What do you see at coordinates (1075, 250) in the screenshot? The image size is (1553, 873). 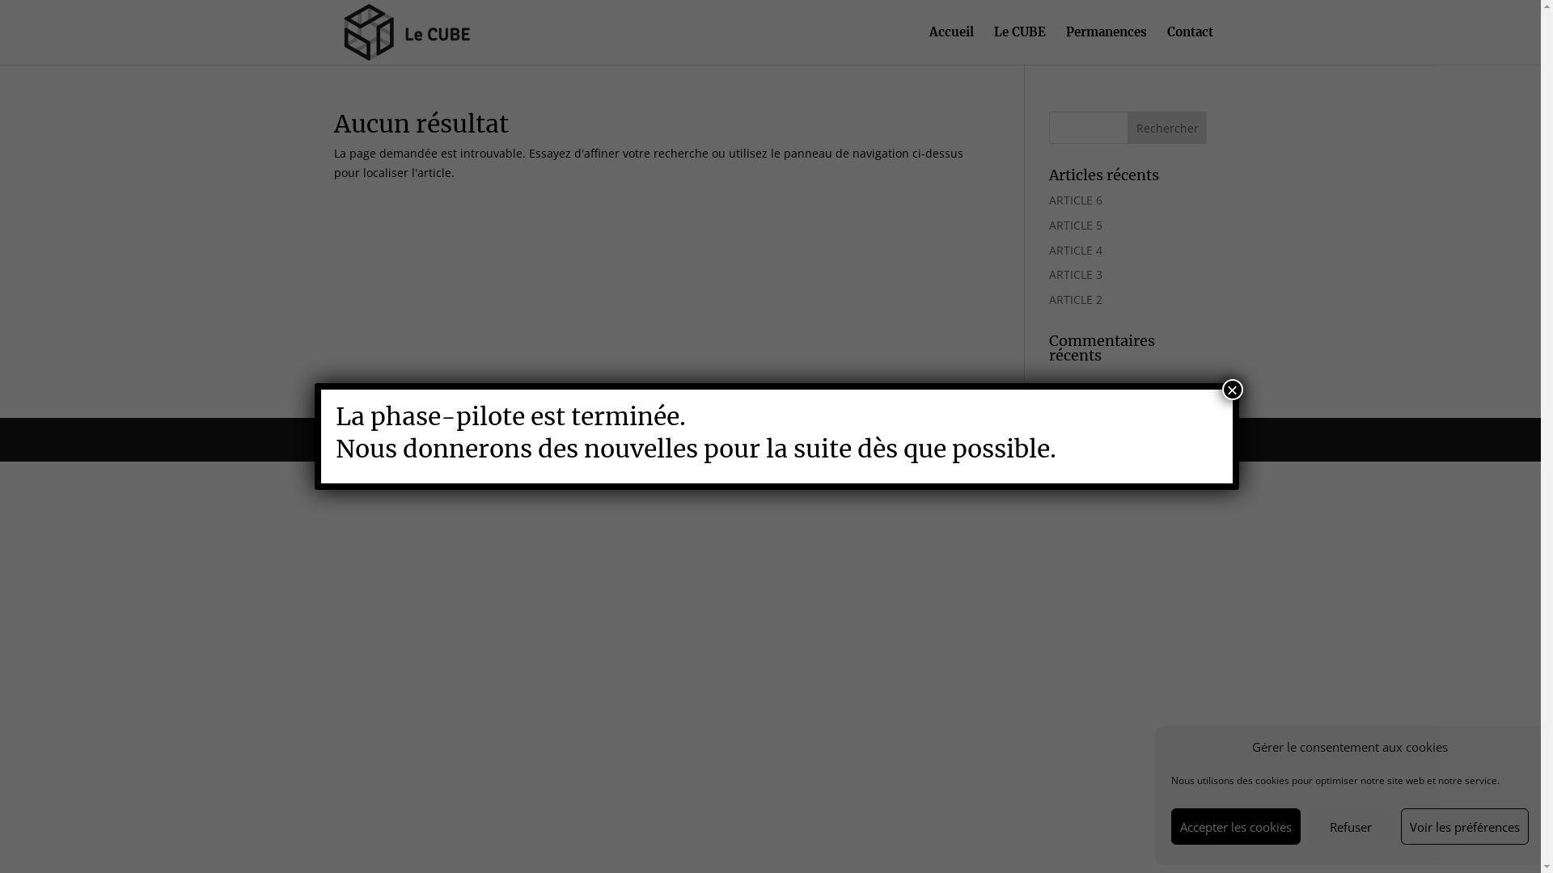 I see `'ARTICLE 4'` at bounding box center [1075, 250].